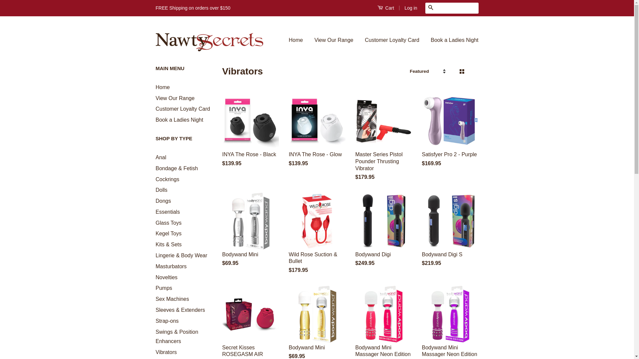 The height and width of the screenshot is (359, 639). What do you see at coordinates (172, 299) in the screenshot?
I see `'Sex Machines'` at bounding box center [172, 299].